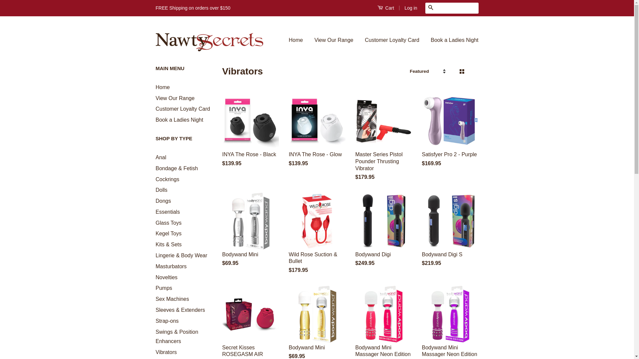 The height and width of the screenshot is (359, 639). What do you see at coordinates (172, 299) in the screenshot?
I see `'Sex Machines'` at bounding box center [172, 299].